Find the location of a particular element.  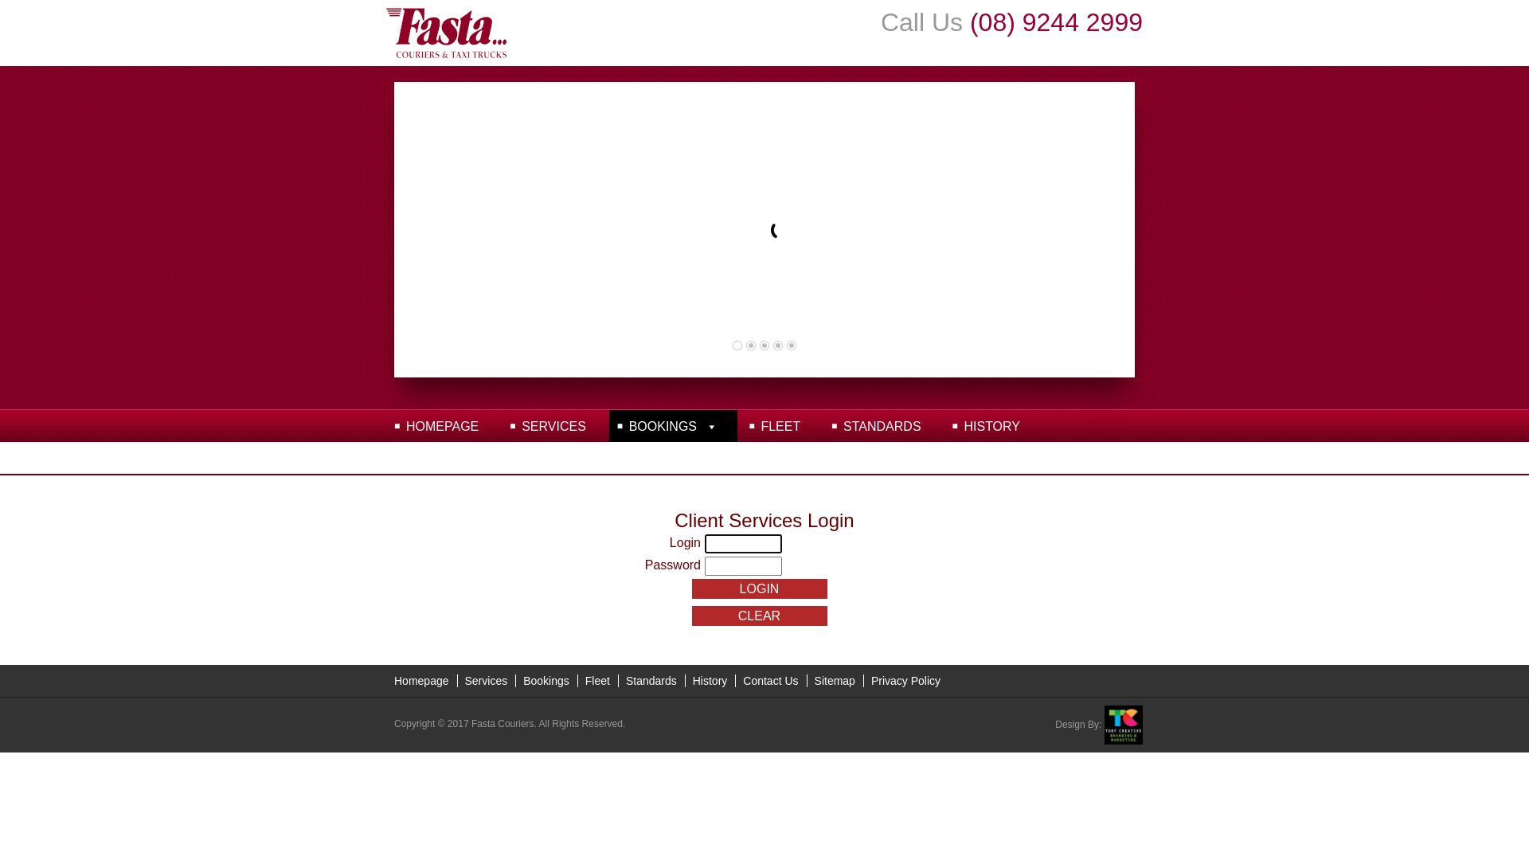

'LOGIN' is located at coordinates (758, 588).